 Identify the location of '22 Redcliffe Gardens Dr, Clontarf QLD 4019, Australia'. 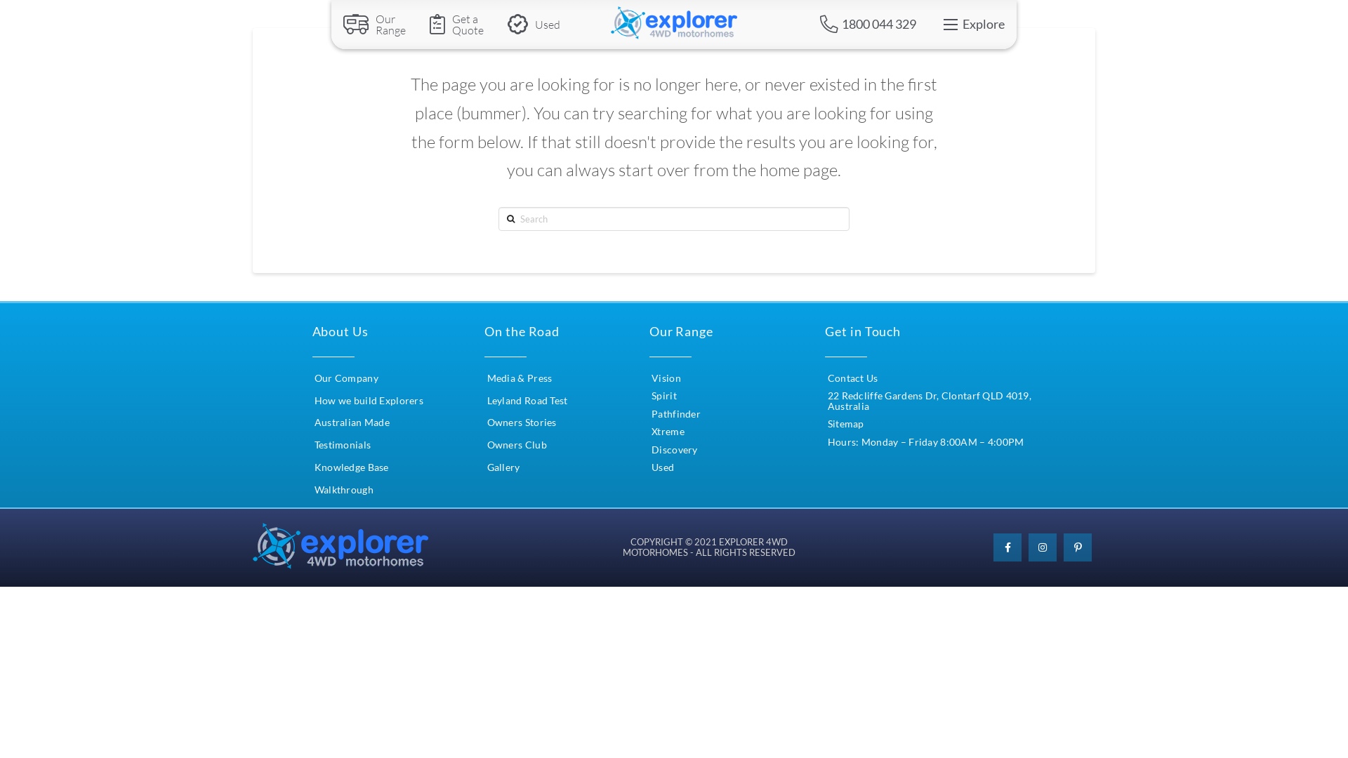
(828, 401).